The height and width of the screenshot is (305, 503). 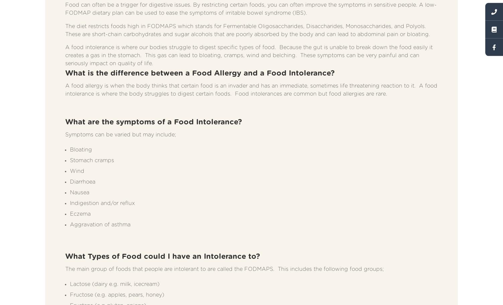 I want to click on 'What is the difference between a Food Allergy and a Food Intolerance?', so click(x=65, y=72).